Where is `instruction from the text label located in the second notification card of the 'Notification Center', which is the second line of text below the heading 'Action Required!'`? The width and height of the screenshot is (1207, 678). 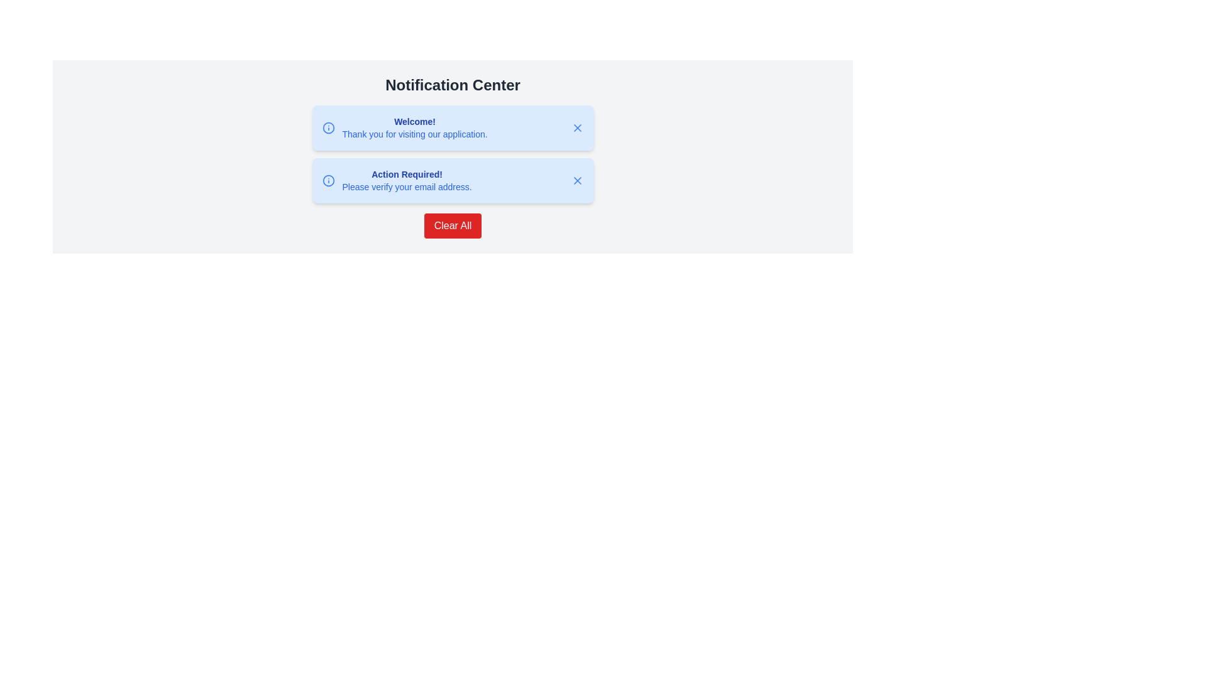
instruction from the text label located in the second notification card of the 'Notification Center', which is the second line of text below the heading 'Action Required!' is located at coordinates (407, 186).